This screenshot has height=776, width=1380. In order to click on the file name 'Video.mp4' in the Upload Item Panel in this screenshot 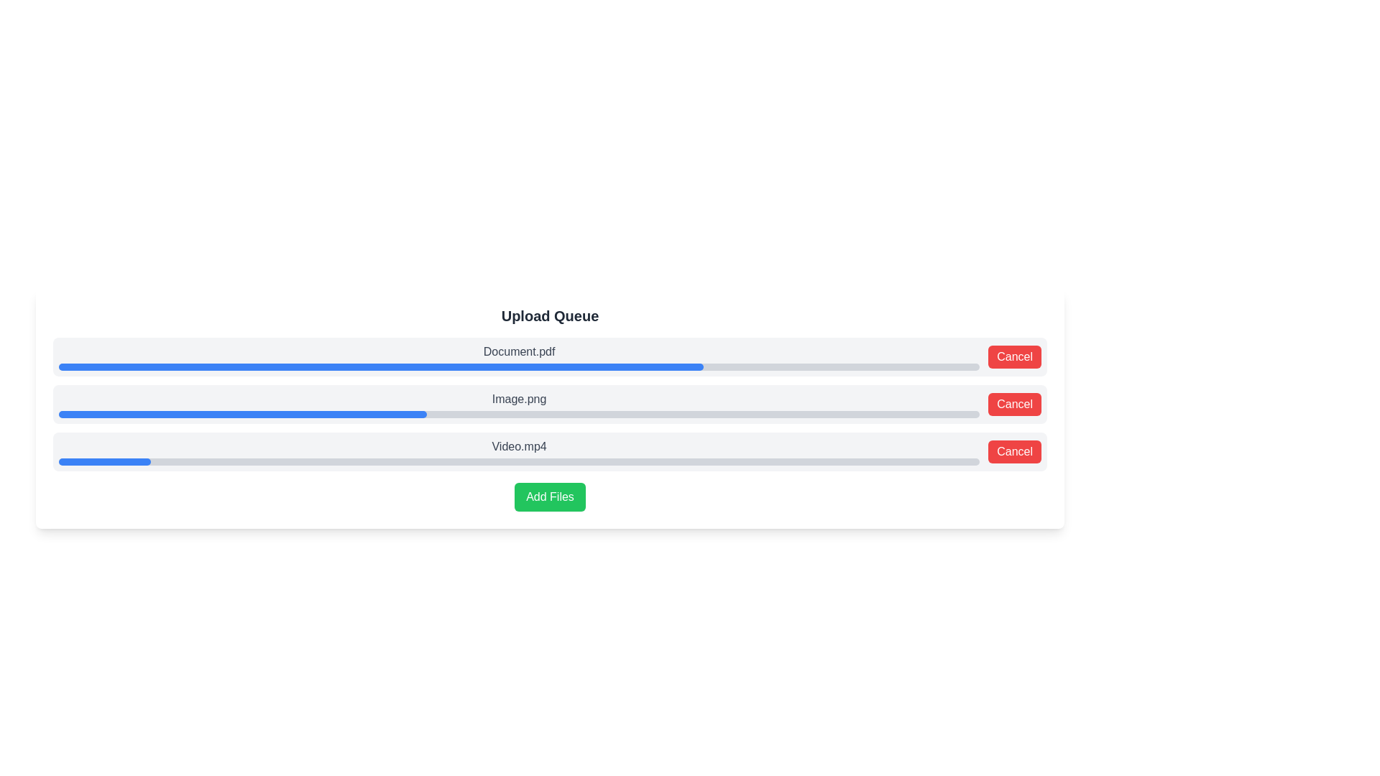, I will do `click(549, 451)`.